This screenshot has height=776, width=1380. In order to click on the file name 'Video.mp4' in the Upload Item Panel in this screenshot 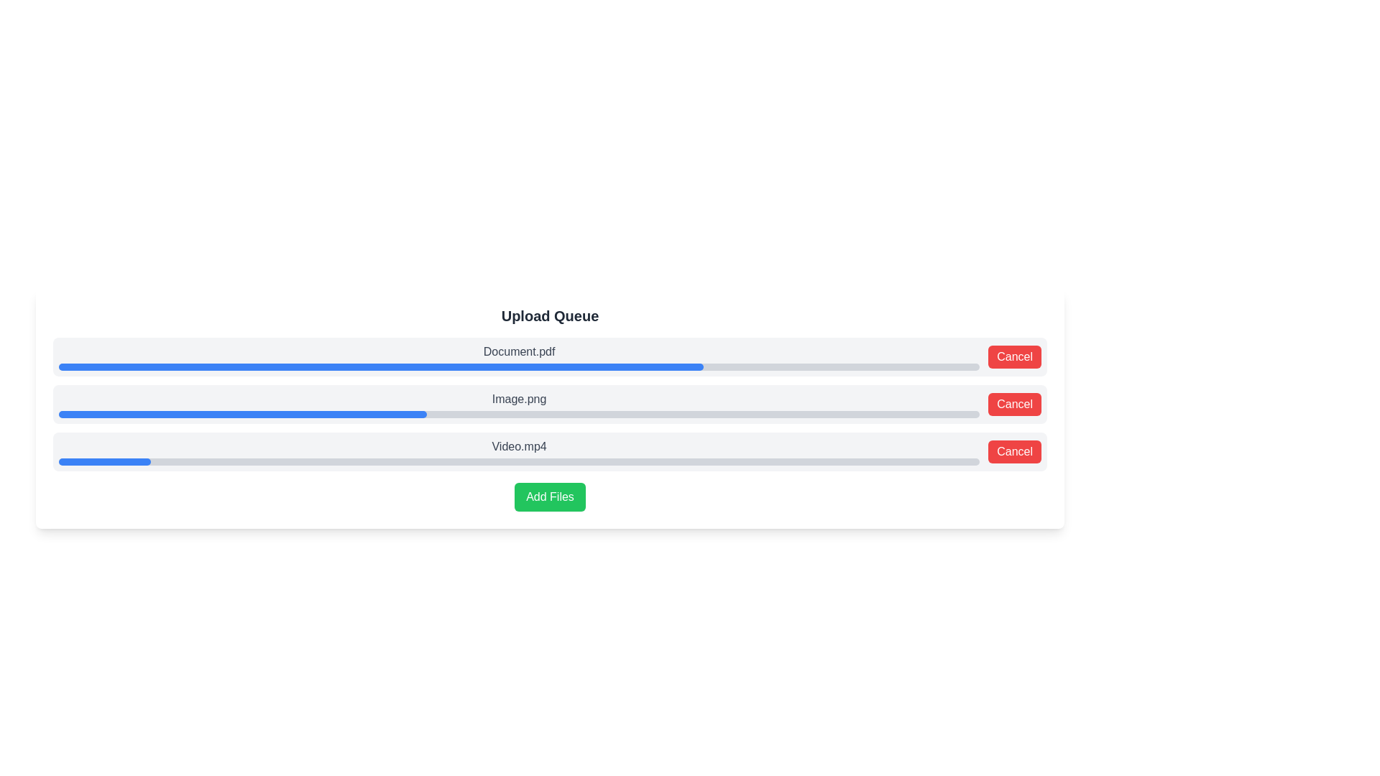, I will do `click(549, 451)`.